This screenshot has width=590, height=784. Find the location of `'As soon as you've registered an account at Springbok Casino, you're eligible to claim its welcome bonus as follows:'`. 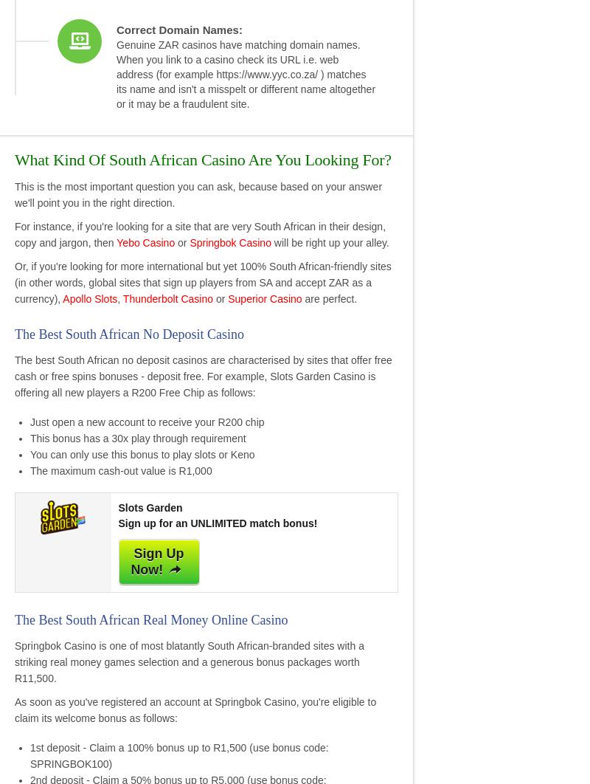

'As soon as you've registered an account at Springbok Casino, you're eligible to claim its welcome bonus as follows:' is located at coordinates (194, 709).